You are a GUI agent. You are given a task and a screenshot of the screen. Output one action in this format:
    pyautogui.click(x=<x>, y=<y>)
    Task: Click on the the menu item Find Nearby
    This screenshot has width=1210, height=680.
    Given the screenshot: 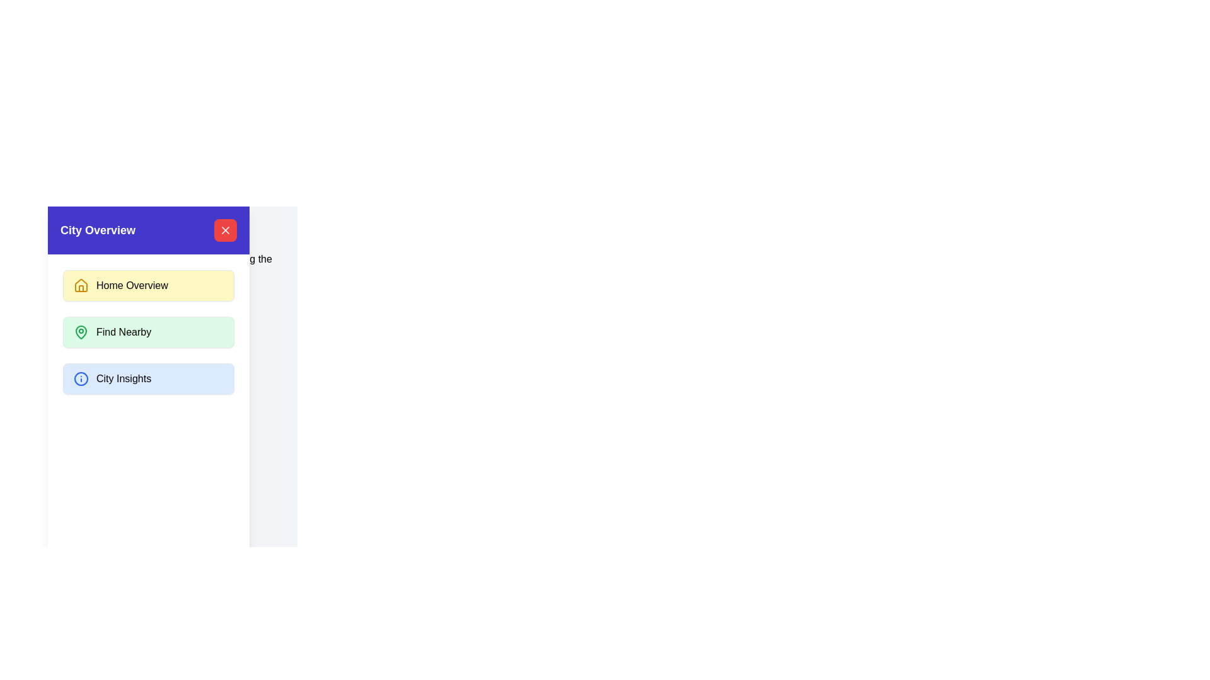 What is the action you would take?
    pyautogui.click(x=148, y=332)
    